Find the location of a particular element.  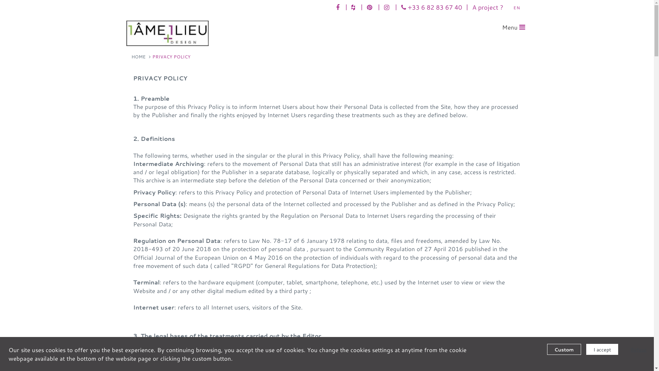

'Menu' is located at coordinates (513, 27).